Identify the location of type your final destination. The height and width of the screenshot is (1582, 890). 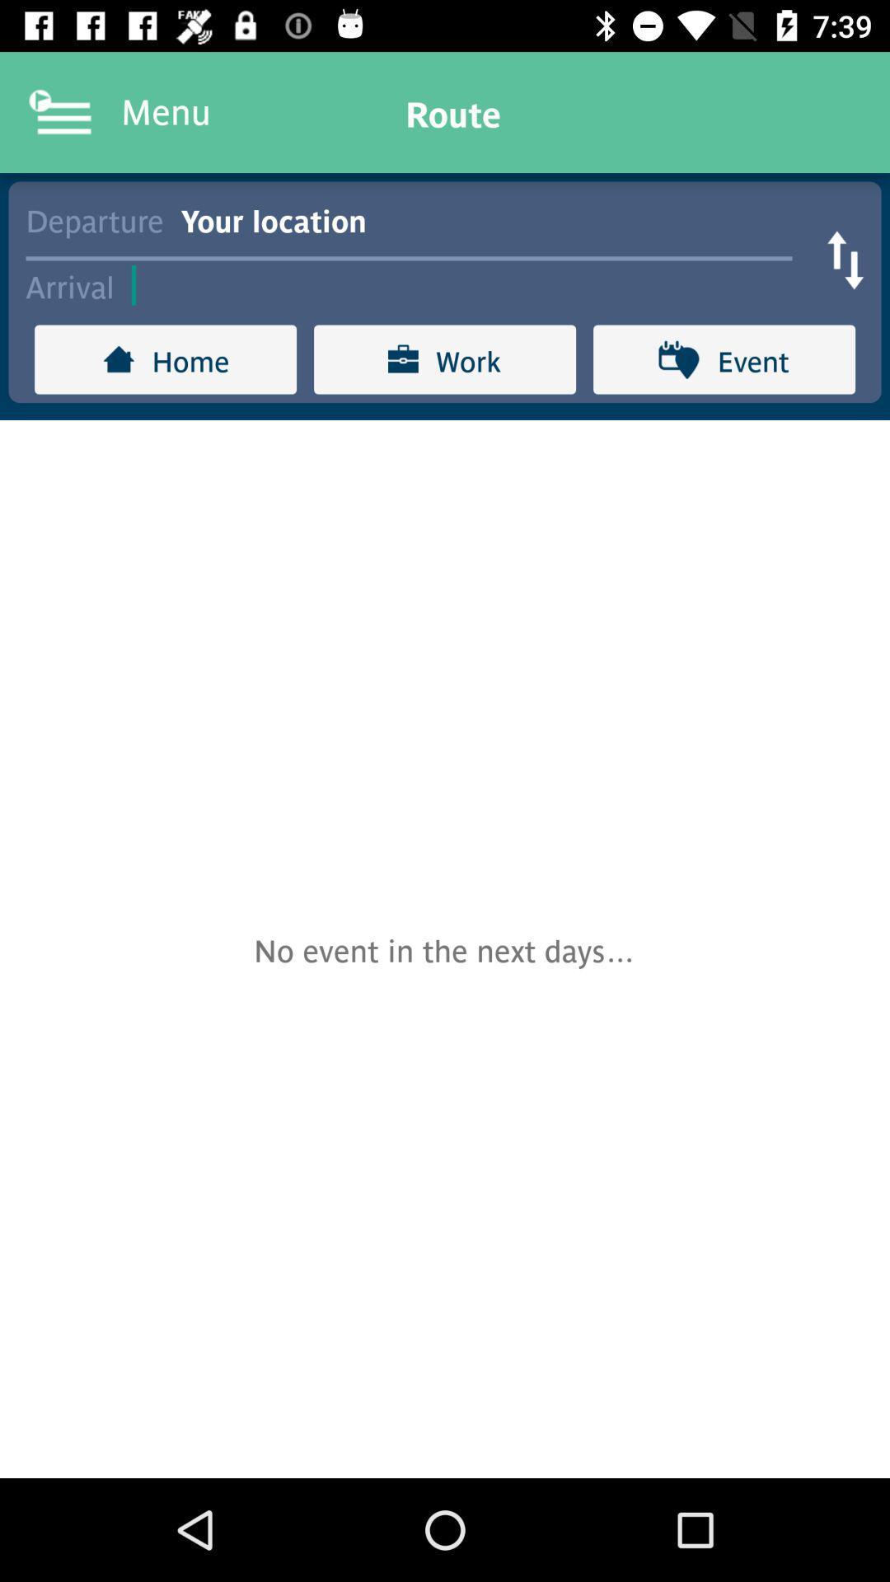
(471, 285).